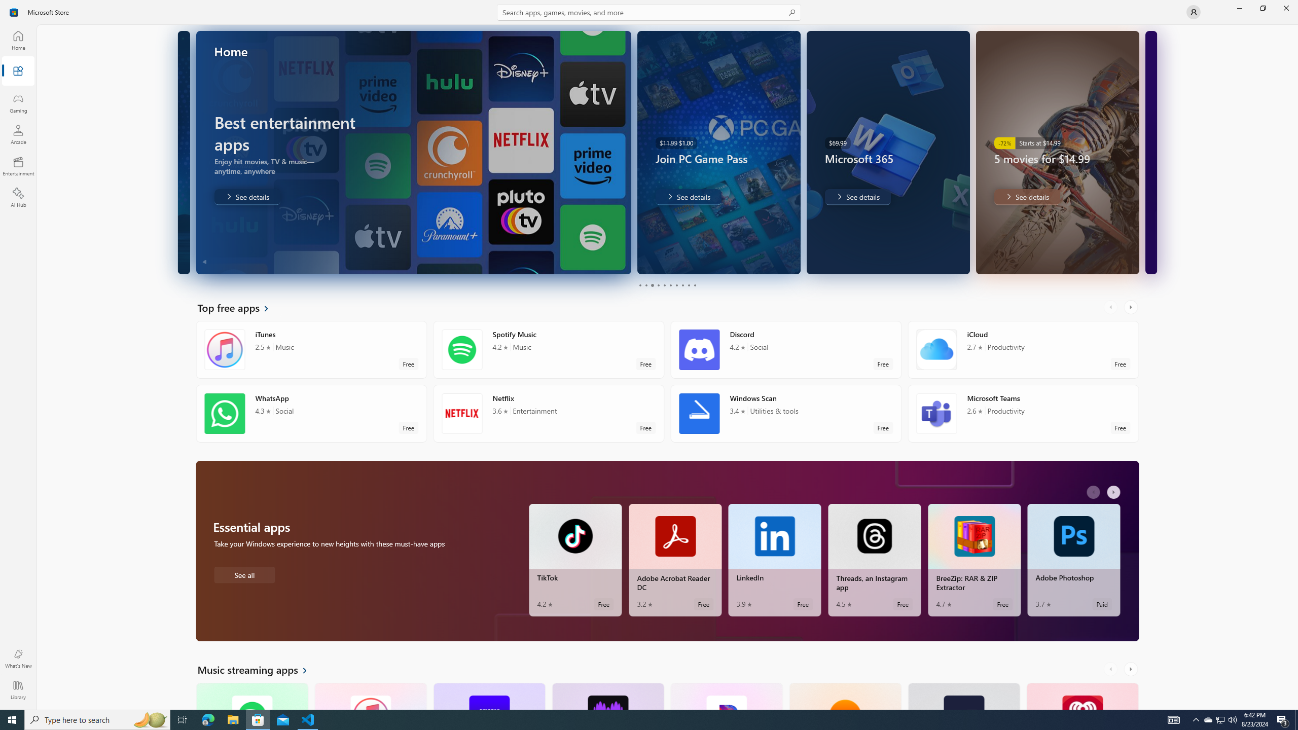  I want to click on 'Page 2', so click(645, 285).